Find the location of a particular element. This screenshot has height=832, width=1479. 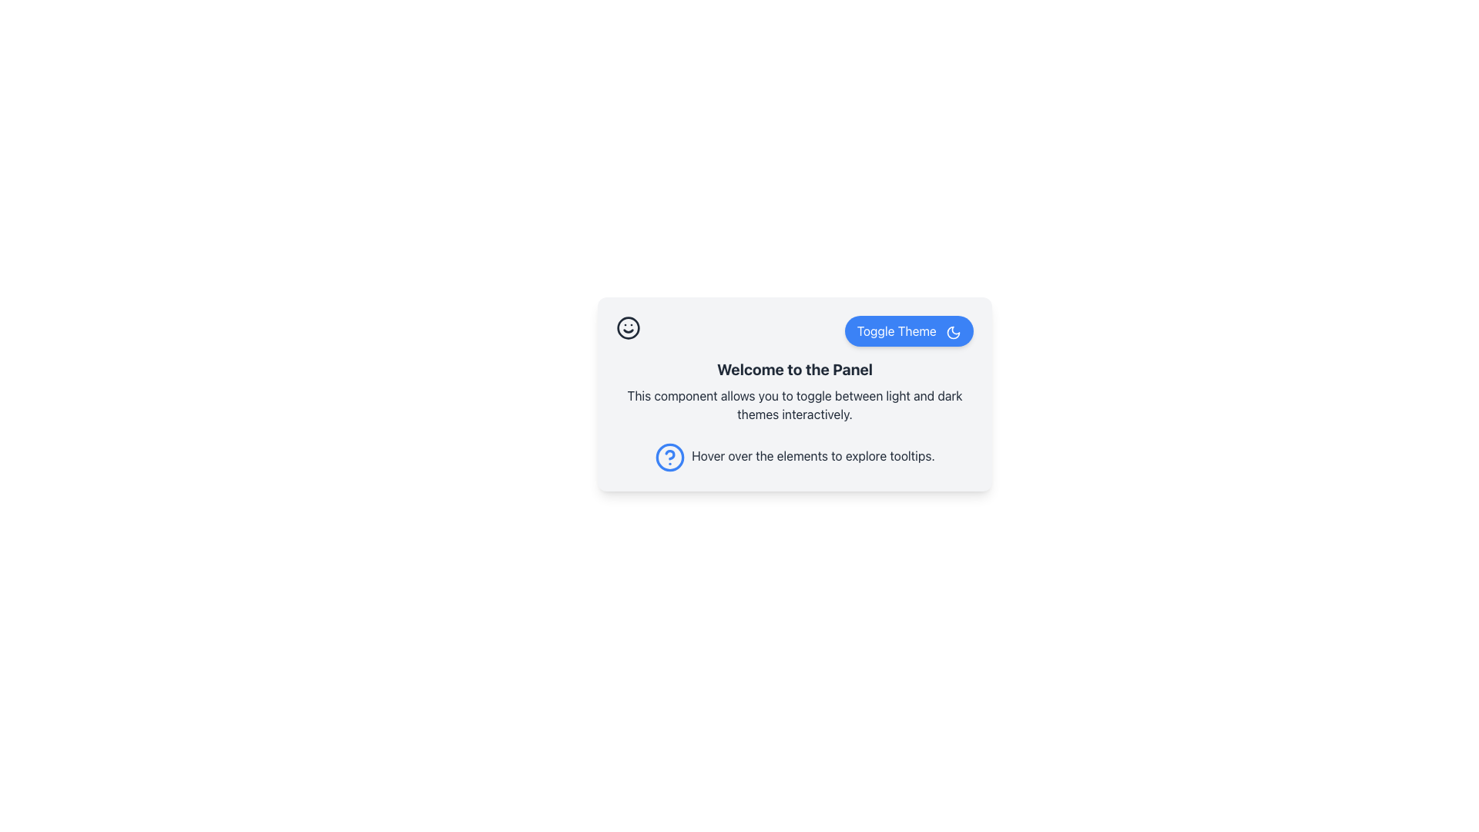

the cheerful icon located in the top-left corner of the card component, which is the first element before the 'Toggle Theme' button is located at coordinates (629, 327).